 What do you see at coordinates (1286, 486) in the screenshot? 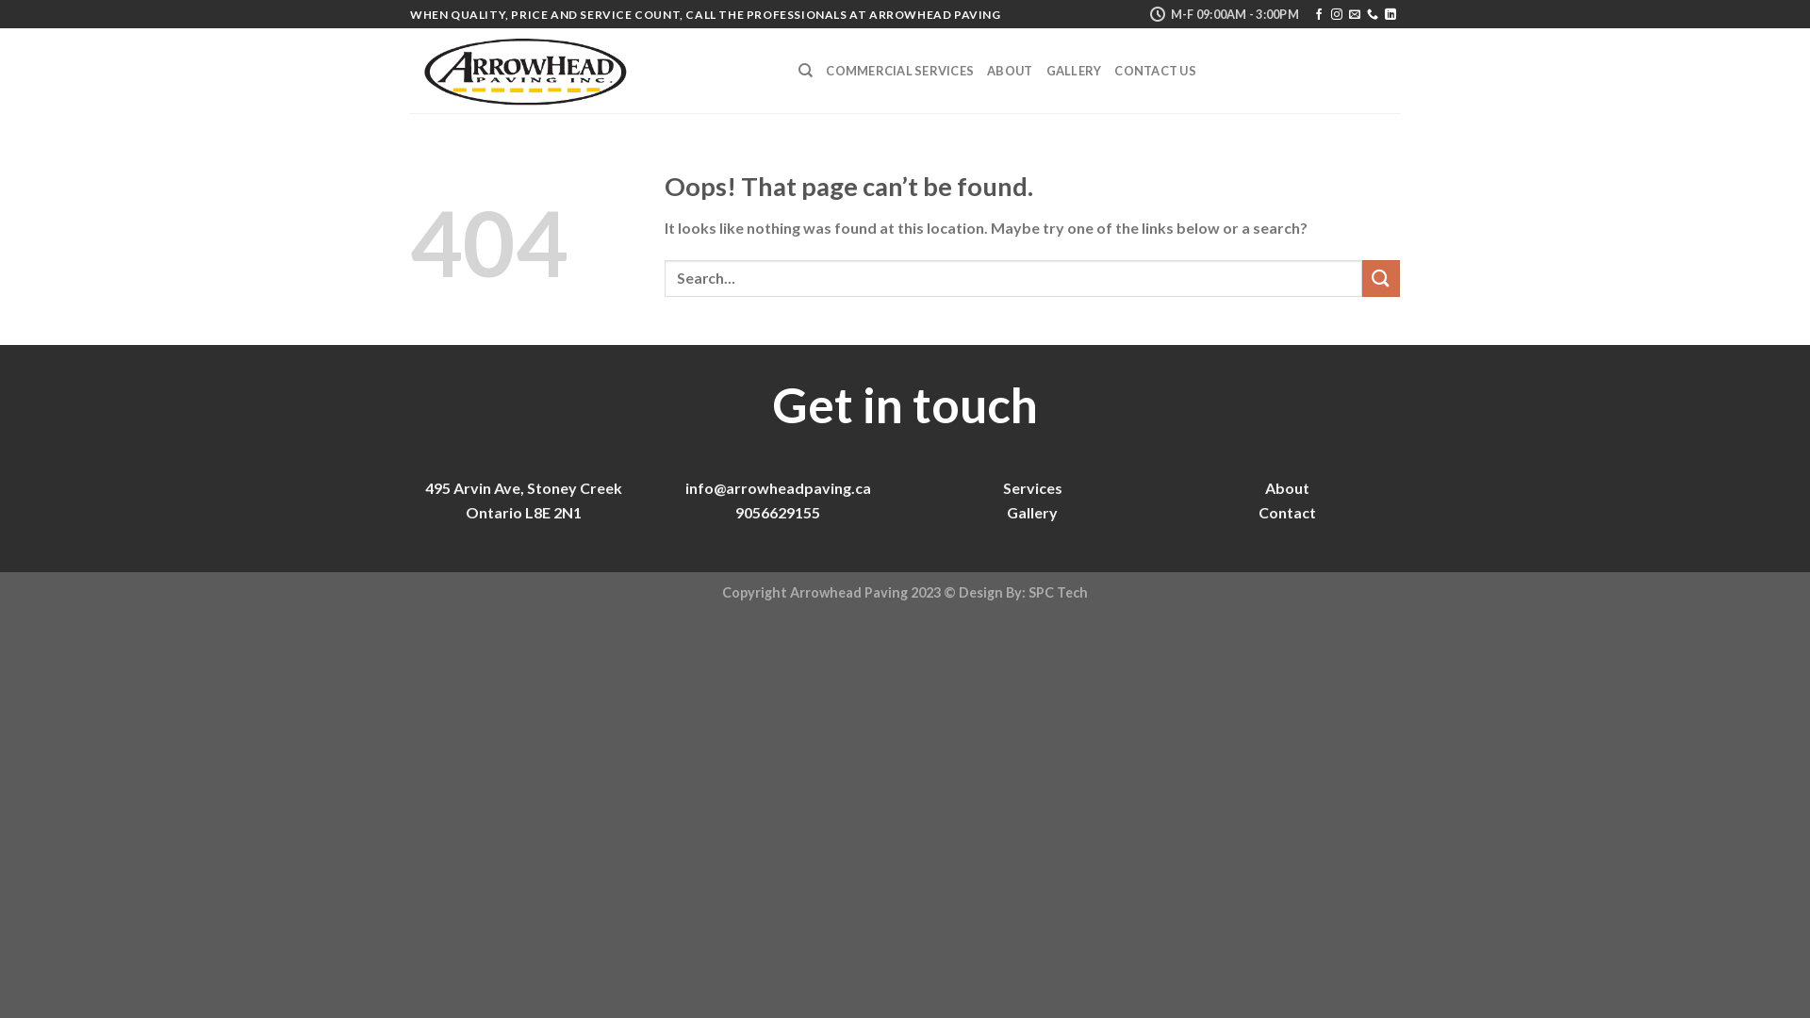
I see `'About'` at bounding box center [1286, 486].